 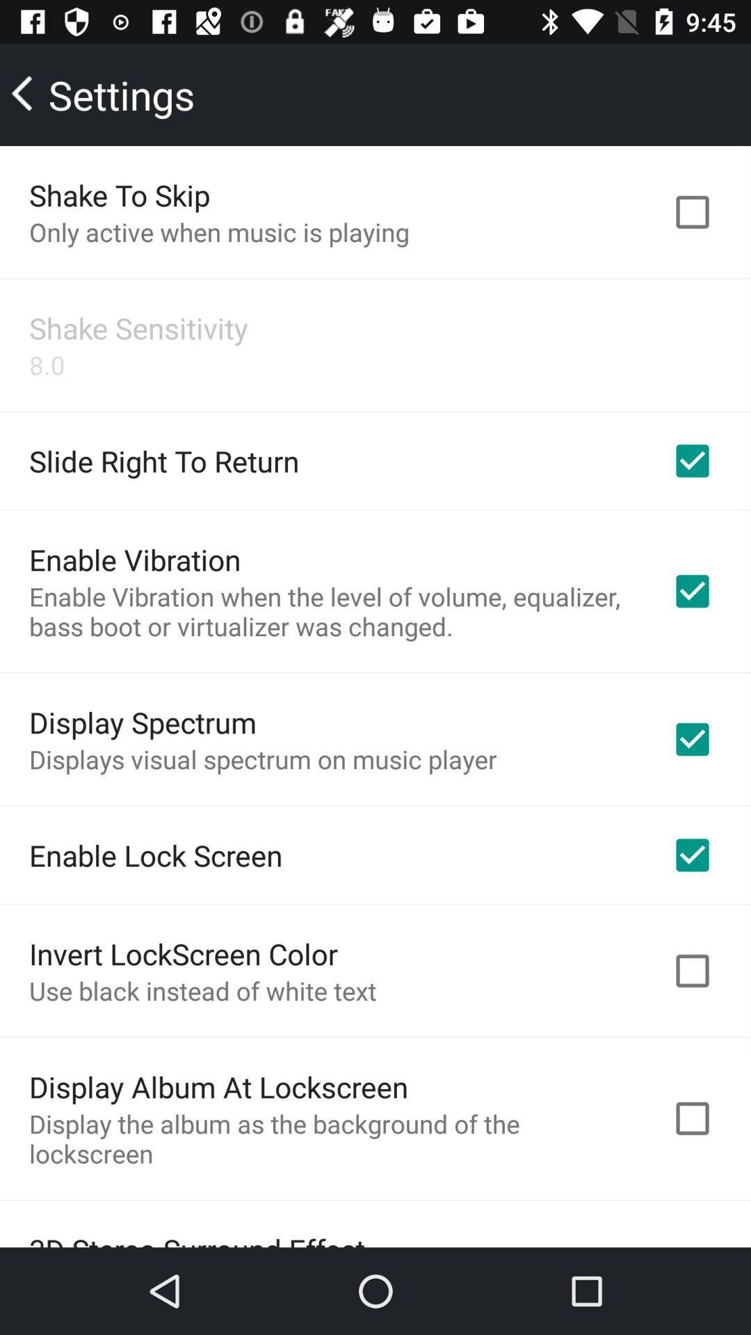 What do you see at coordinates (263, 758) in the screenshot?
I see `the icon above the enable lock screen item` at bounding box center [263, 758].